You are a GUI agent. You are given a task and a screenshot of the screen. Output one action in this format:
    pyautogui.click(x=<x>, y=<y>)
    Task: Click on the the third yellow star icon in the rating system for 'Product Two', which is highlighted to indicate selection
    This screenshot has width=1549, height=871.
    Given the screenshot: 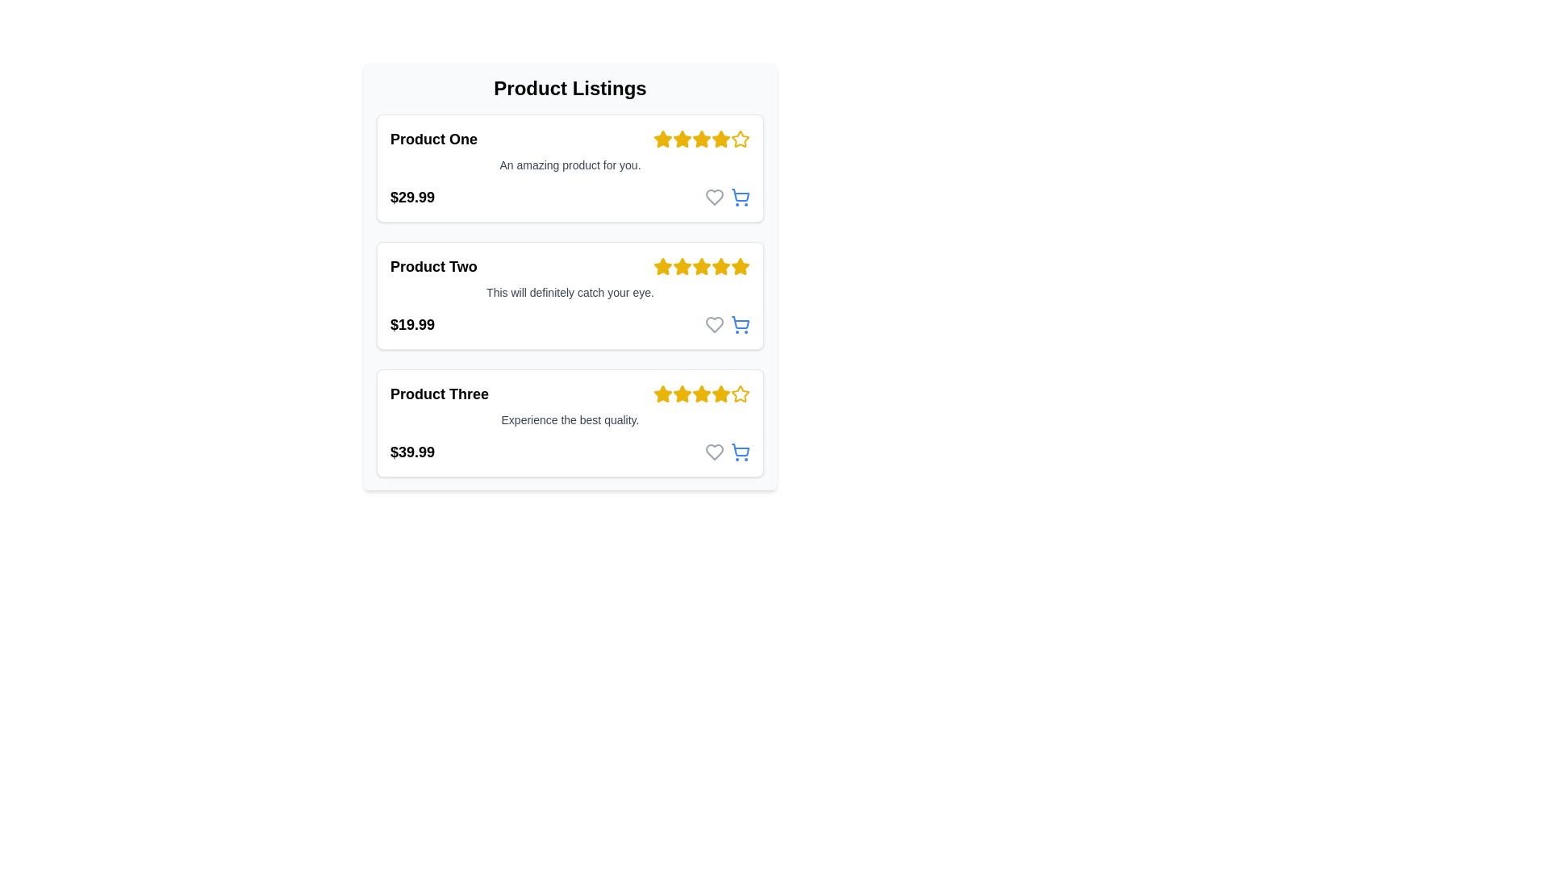 What is the action you would take?
    pyautogui.click(x=682, y=266)
    